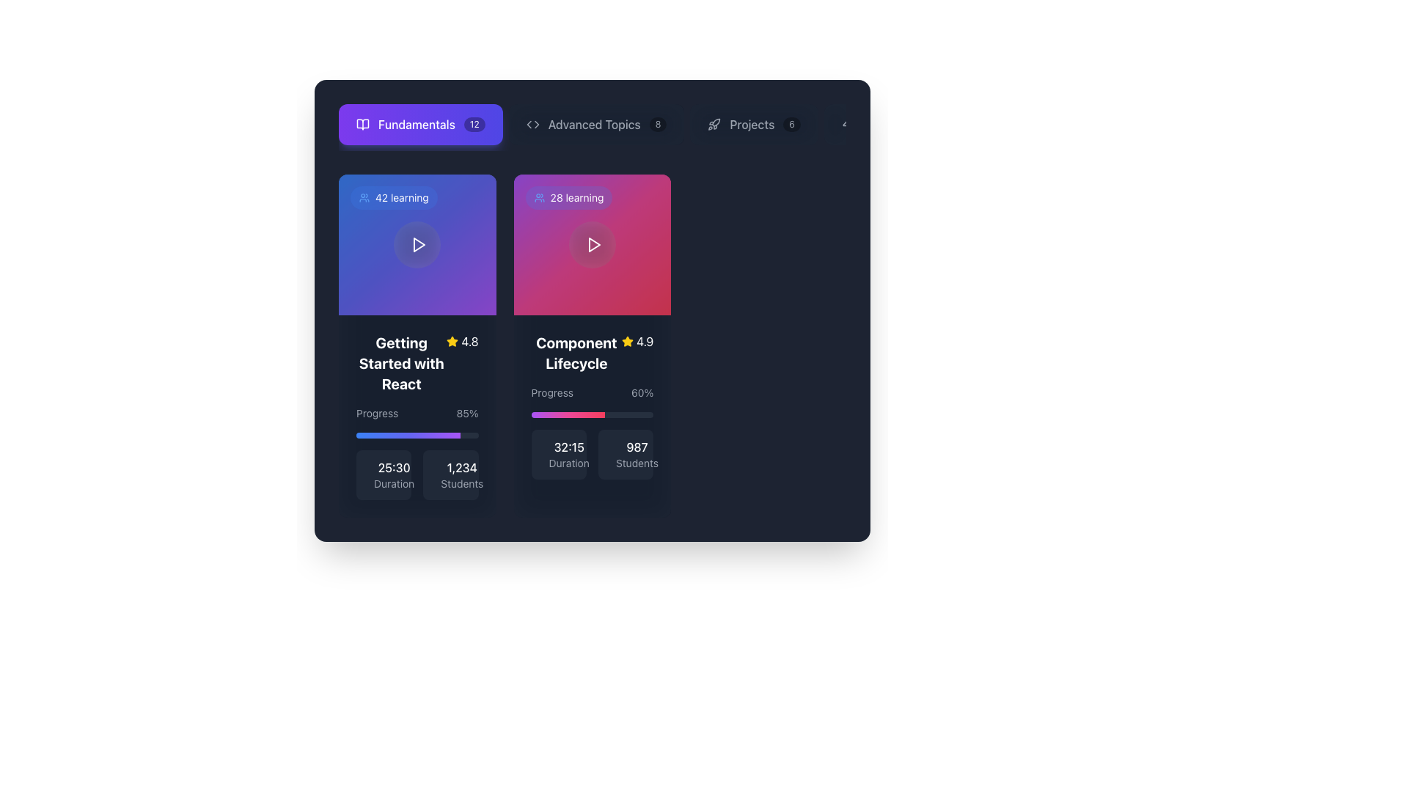 Image resolution: width=1408 pixels, height=792 pixels. What do you see at coordinates (452, 342) in the screenshot?
I see `the star icon representing a rating system adjacent to the text '4.8' and below the course title 'Getting Started with React'` at bounding box center [452, 342].